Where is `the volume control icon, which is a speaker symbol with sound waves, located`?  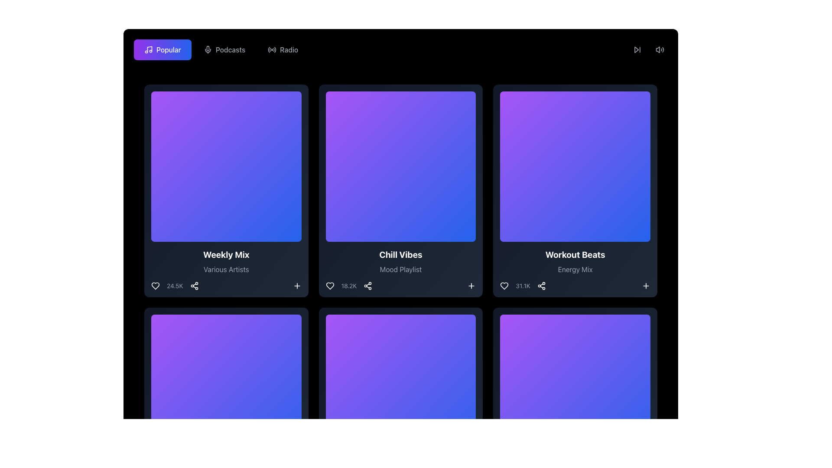
the volume control icon, which is a speaker symbol with sound waves, located is located at coordinates (659, 50).